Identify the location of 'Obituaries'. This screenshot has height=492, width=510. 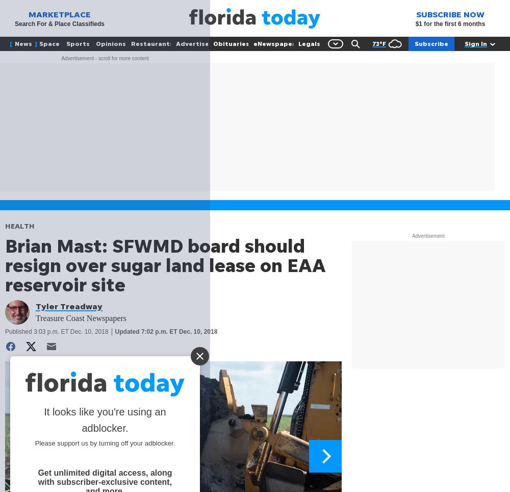
(231, 43).